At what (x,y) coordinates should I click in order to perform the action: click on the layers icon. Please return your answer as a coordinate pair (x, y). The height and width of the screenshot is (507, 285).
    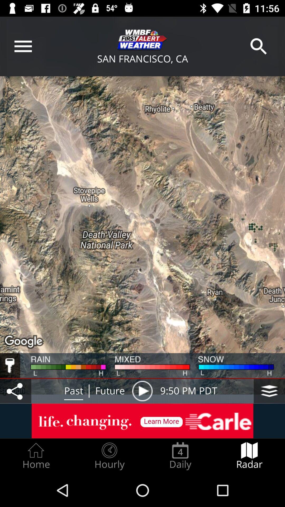
    Looking at the image, I should click on (269, 391).